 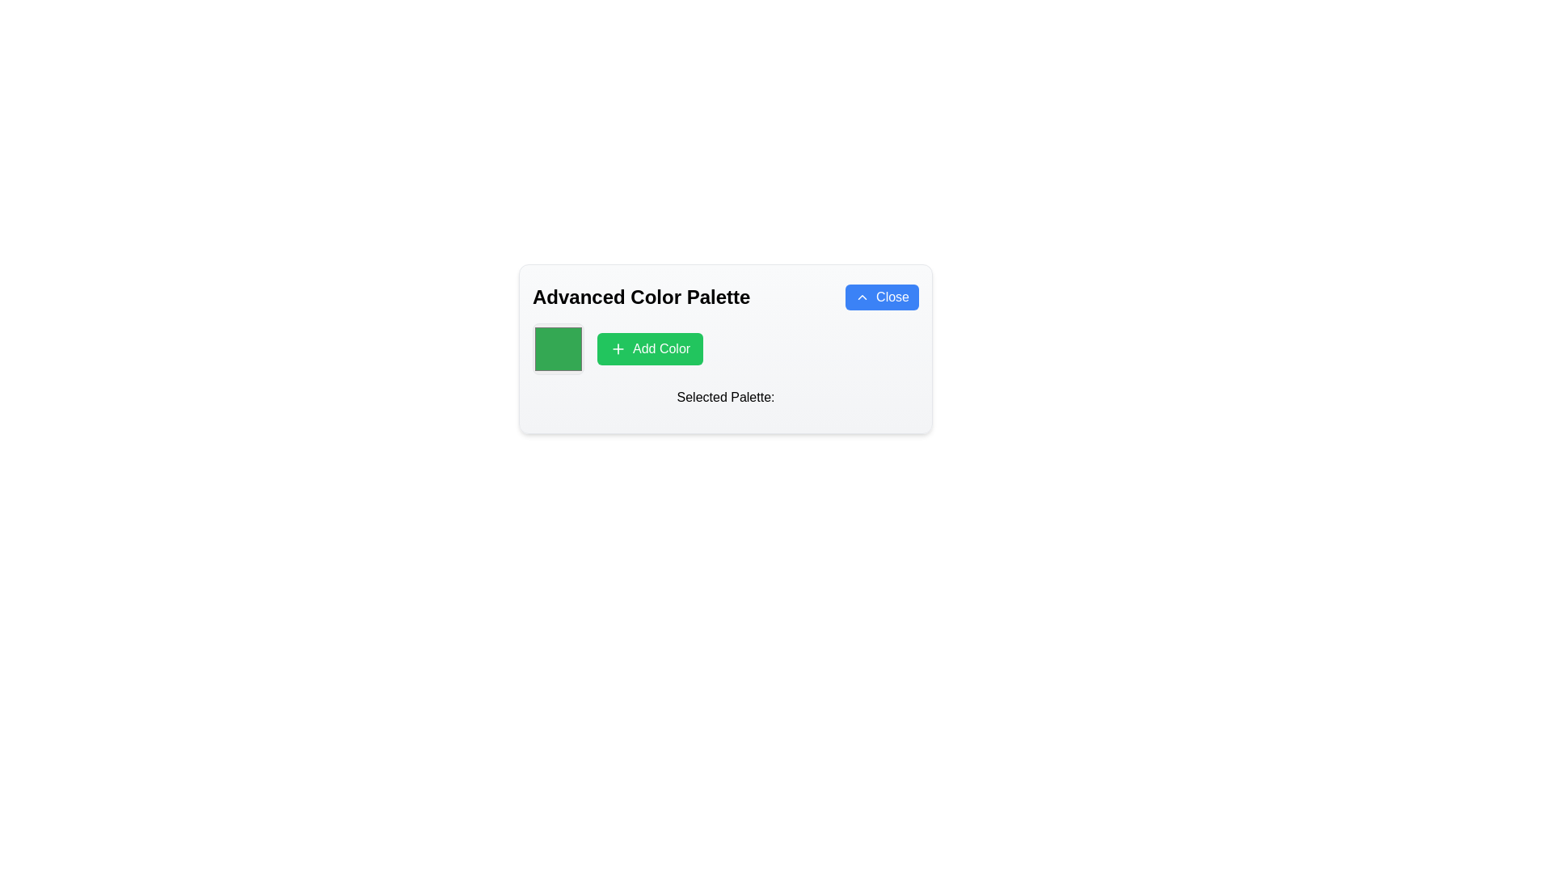 What do you see at coordinates (617, 348) in the screenshot?
I see `the green rectangular button labeled 'Add Color'` at bounding box center [617, 348].